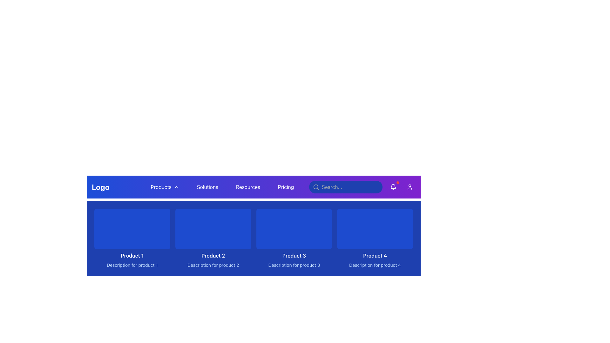 The image size is (610, 343). What do you see at coordinates (375, 265) in the screenshot?
I see `the descriptive text label located beneath the title 'Product 4' in the fourth box of the product display layout` at bounding box center [375, 265].